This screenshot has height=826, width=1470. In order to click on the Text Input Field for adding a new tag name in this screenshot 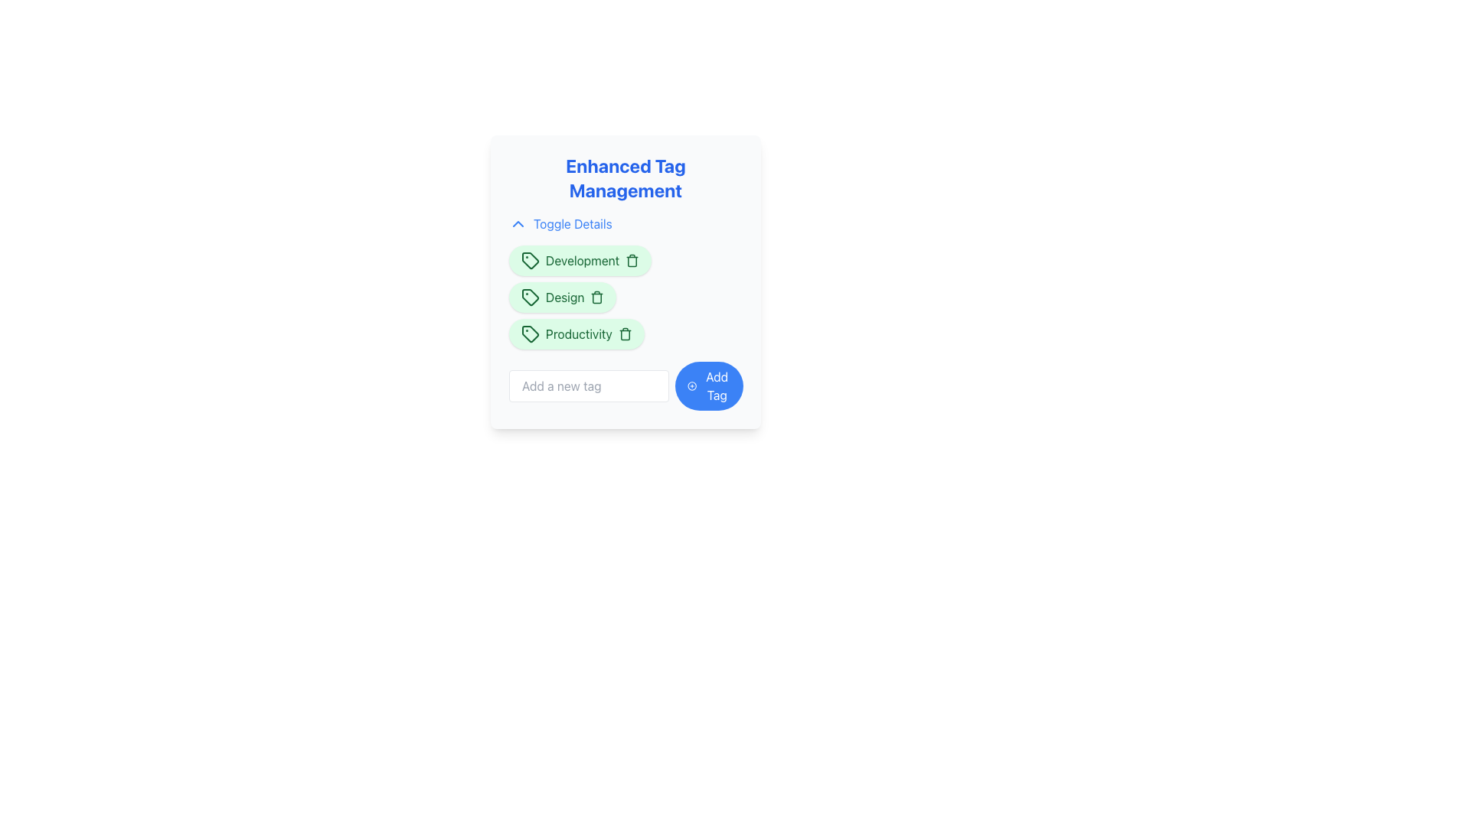, I will do `click(588, 385)`.